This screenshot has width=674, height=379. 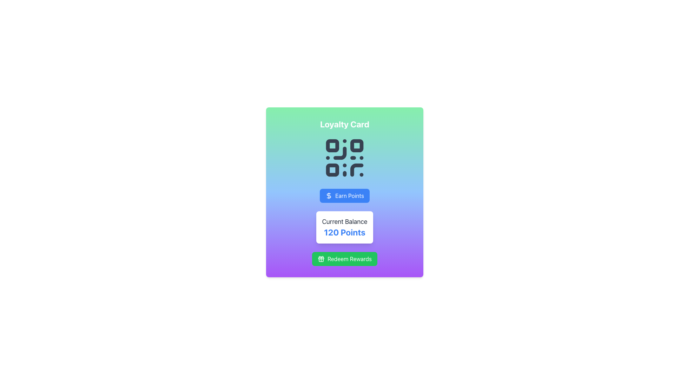 I want to click on the Vector graphic component that is part of the QR code graphic in the upper central region of the card-like UI section, so click(x=357, y=170).